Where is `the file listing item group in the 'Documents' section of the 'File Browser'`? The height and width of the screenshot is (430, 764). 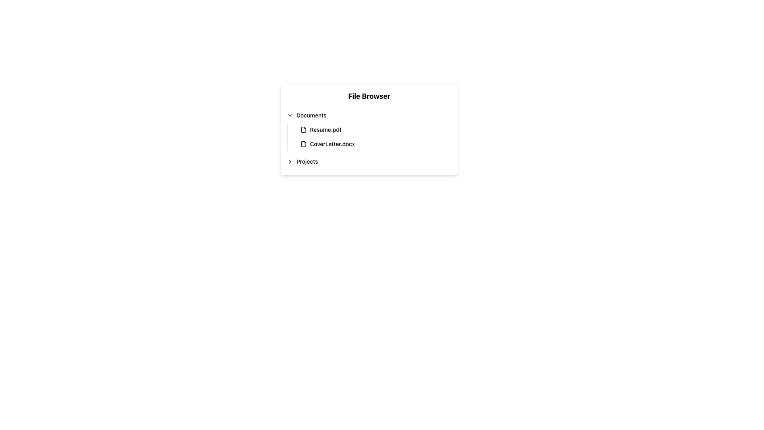
the file listing item group in the 'Documents' section of the 'File Browser' is located at coordinates (372, 136).